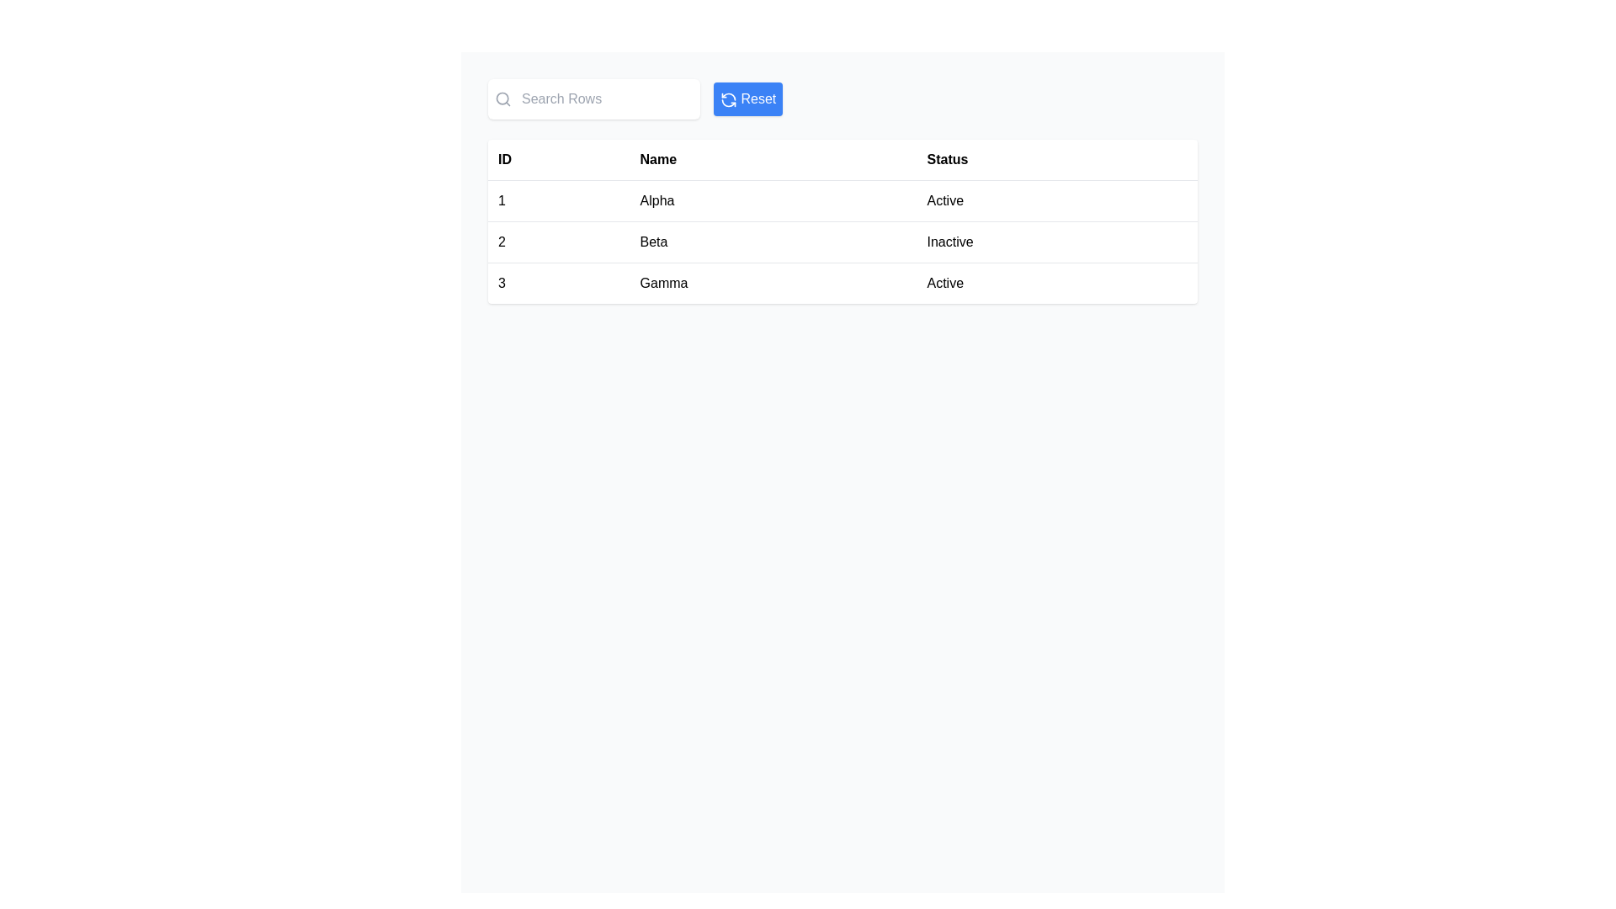 This screenshot has height=909, width=1616. Describe the element at coordinates (593, 99) in the screenshot. I see `the search bar component with a white background and rounded edges, which has a magnifying glass icon and a placeholder text 'Search Rows'` at that location.